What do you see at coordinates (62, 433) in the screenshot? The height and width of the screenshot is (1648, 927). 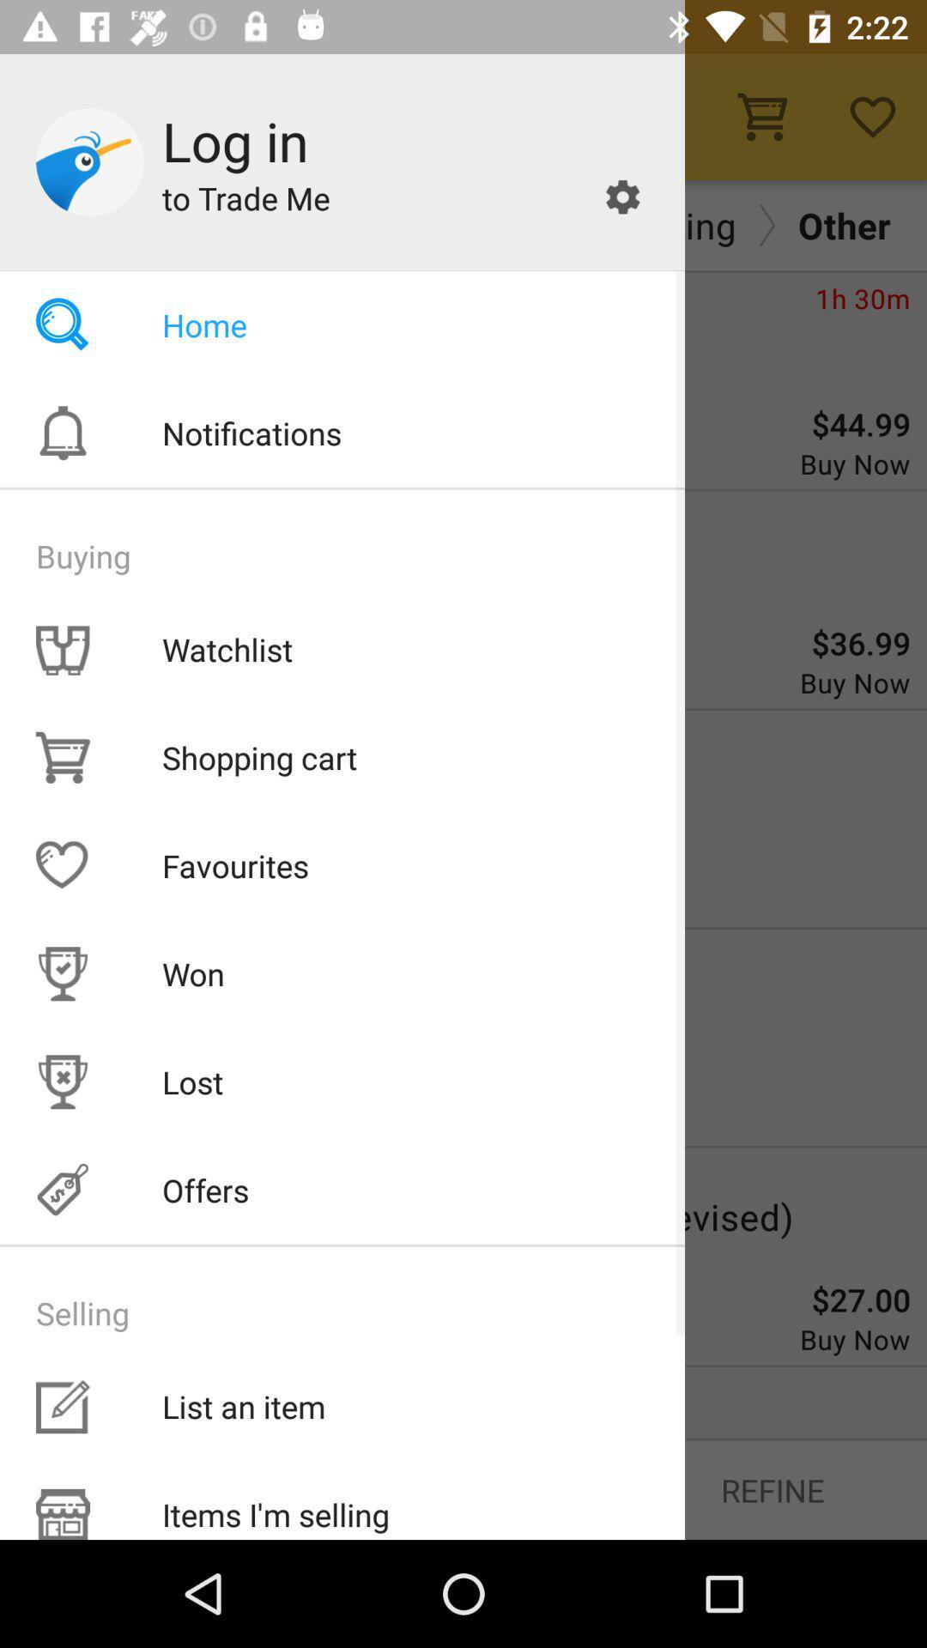 I see `the icon left to notifications` at bounding box center [62, 433].